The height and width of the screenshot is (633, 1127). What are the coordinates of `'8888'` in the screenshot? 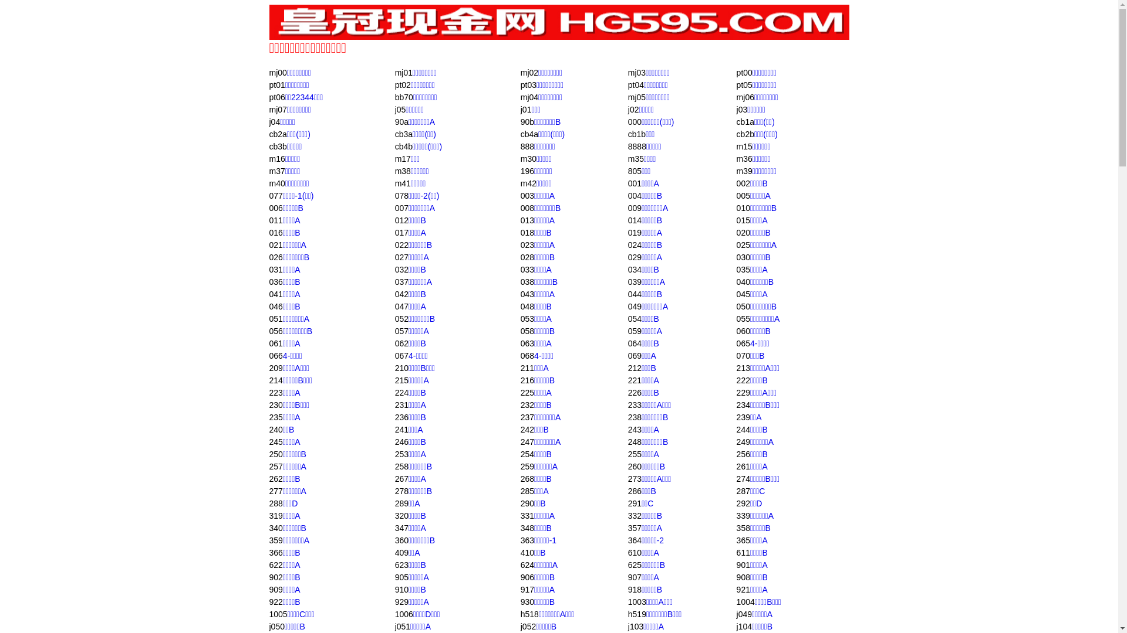 It's located at (636, 146).